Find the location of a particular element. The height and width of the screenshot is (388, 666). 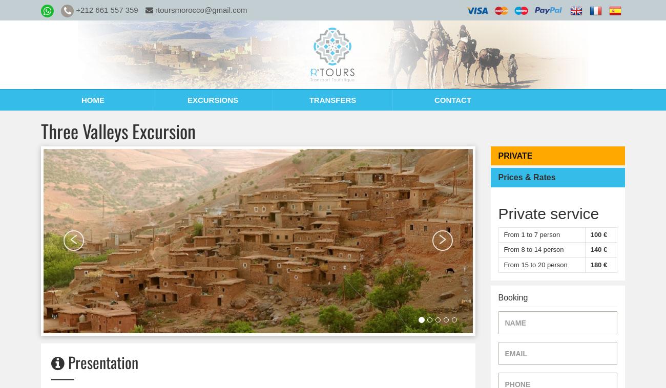

'Transfers' is located at coordinates (332, 100).